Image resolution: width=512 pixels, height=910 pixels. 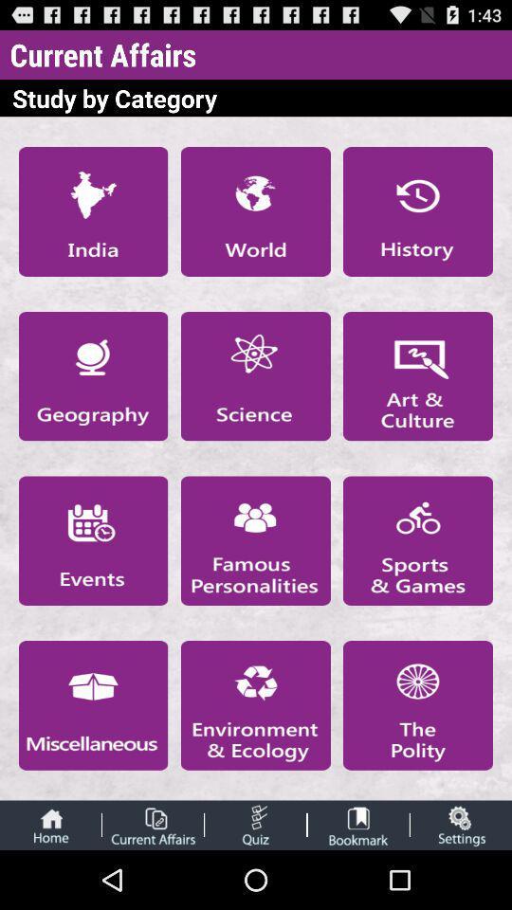 I want to click on see india current affairs, so click(x=92, y=211).